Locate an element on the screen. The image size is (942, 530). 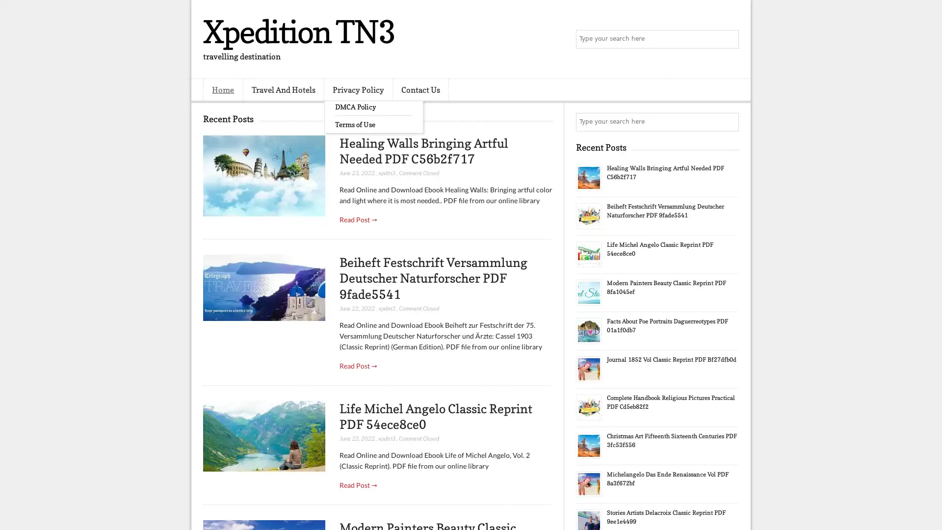
Search is located at coordinates (729, 39).